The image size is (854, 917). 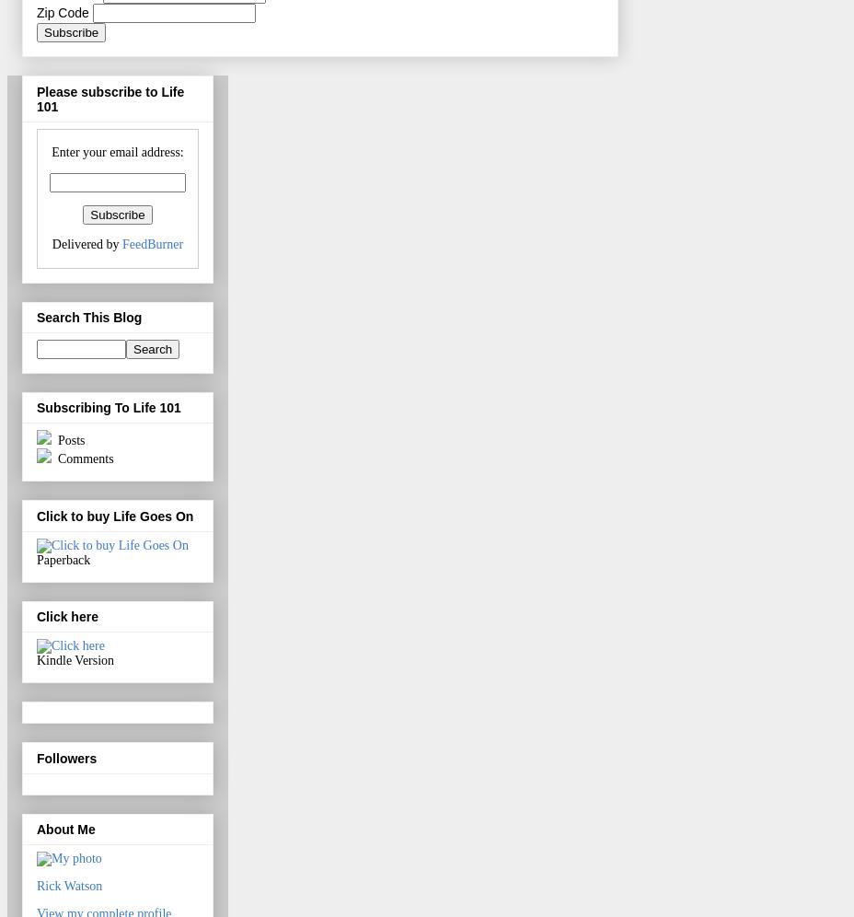 I want to click on 'Enter your email address:', so click(x=117, y=150).